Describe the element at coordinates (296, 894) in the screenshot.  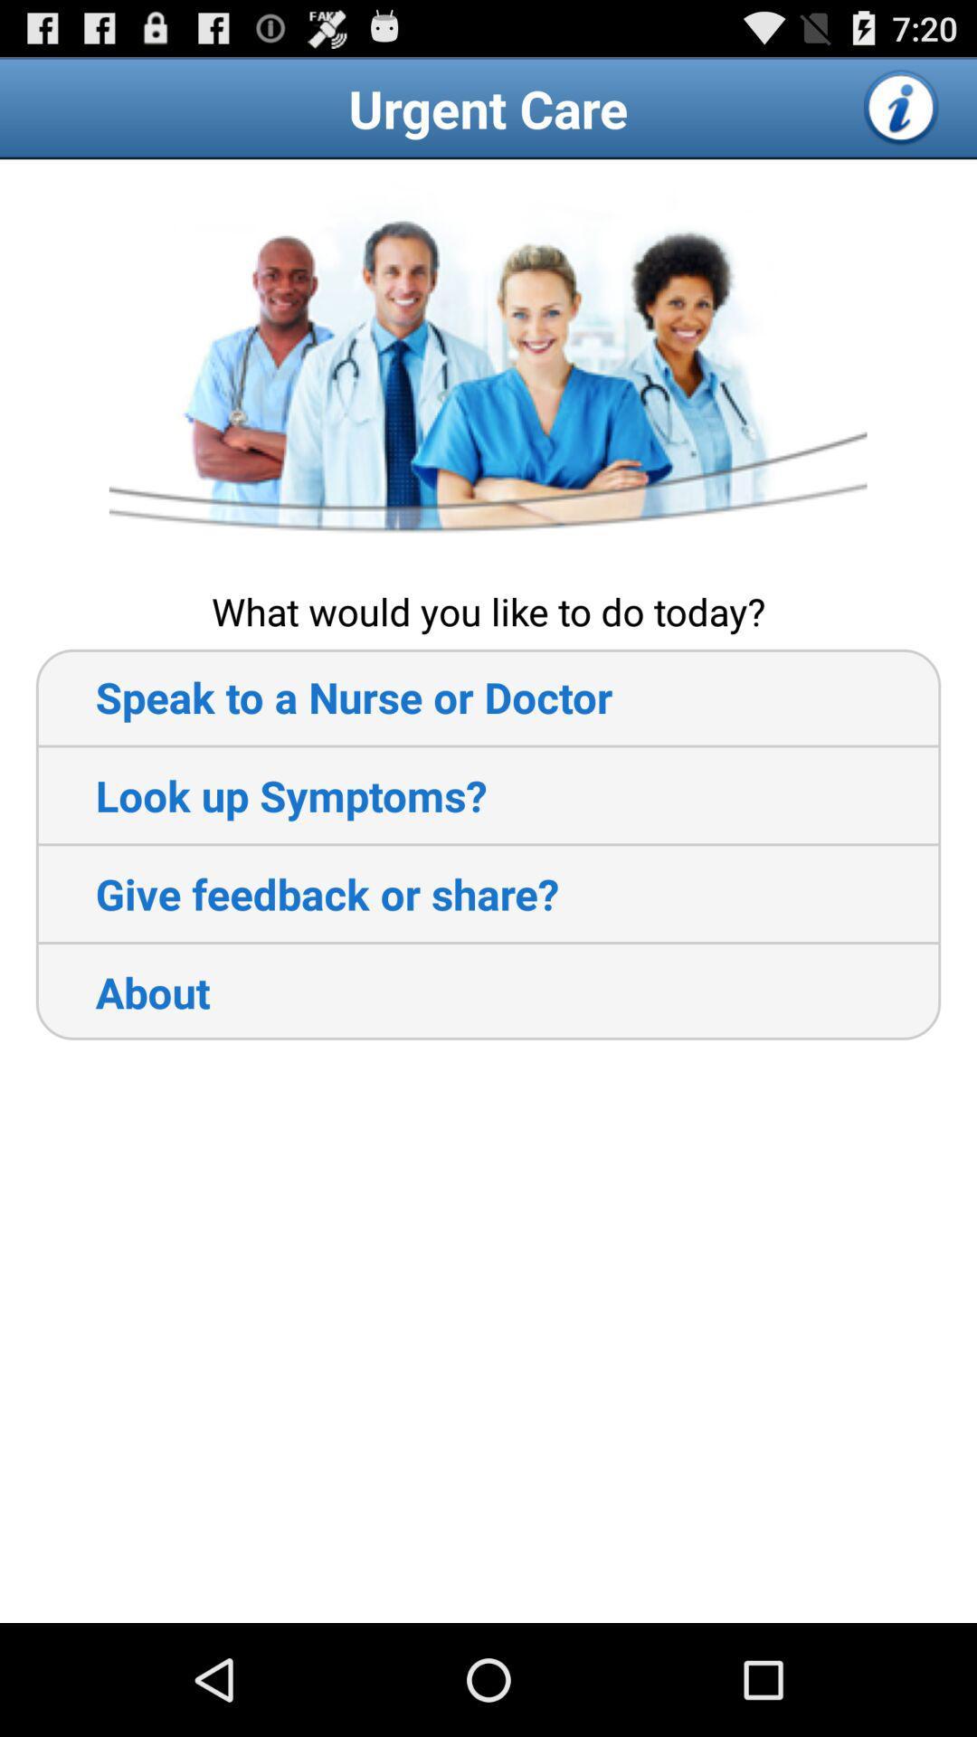
I see `give feedback or` at that location.